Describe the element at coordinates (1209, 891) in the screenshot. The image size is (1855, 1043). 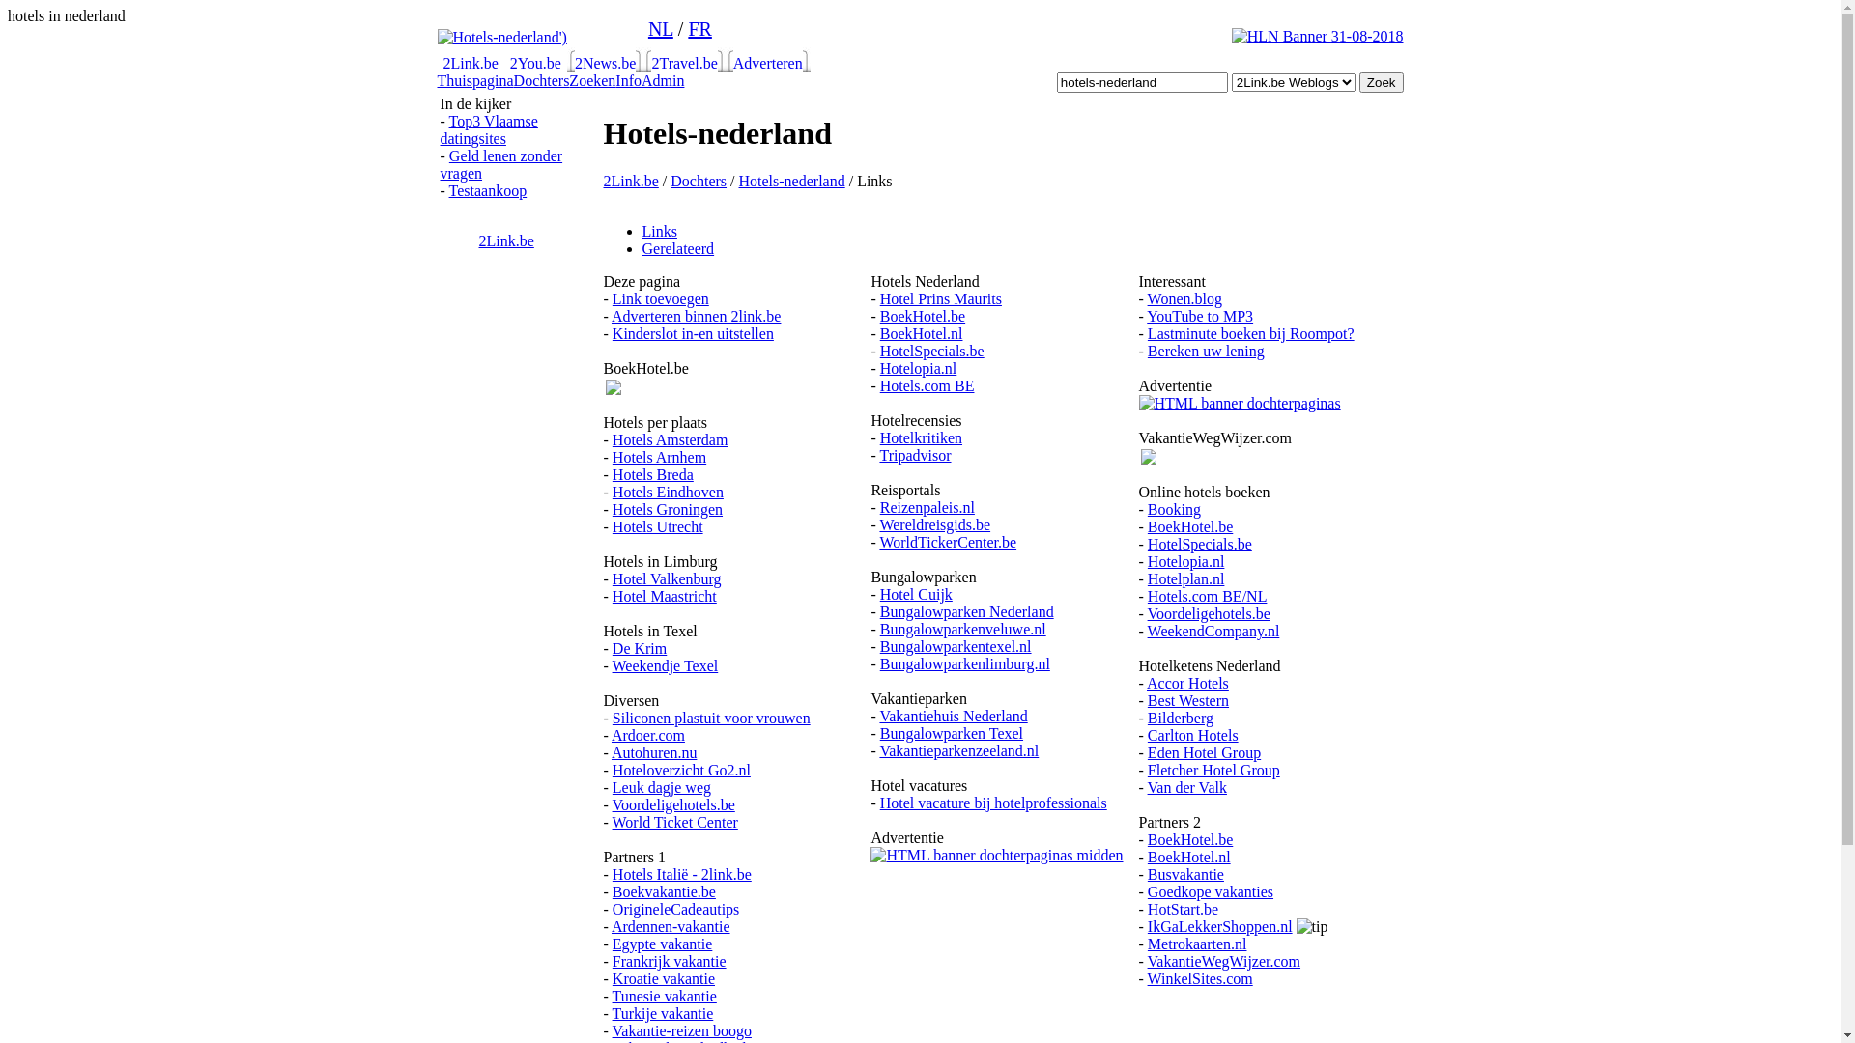
I see `'Goedkope vakanties'` at that location.